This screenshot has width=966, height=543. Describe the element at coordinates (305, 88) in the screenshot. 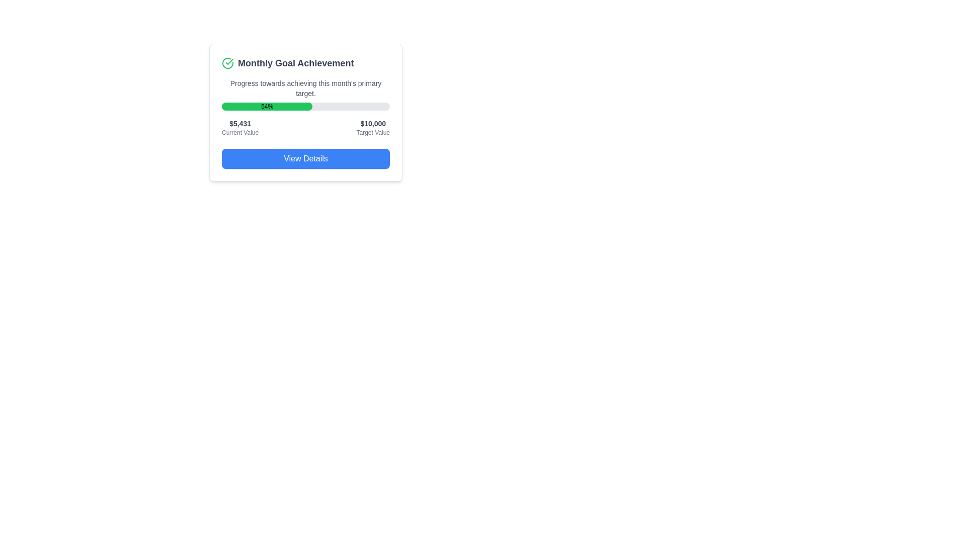

I see `informational text that describes the progress tracked within the user interface card, located below the title 'Monthly Goal Achievement' and above a progress bar indicating 54%` at that location.